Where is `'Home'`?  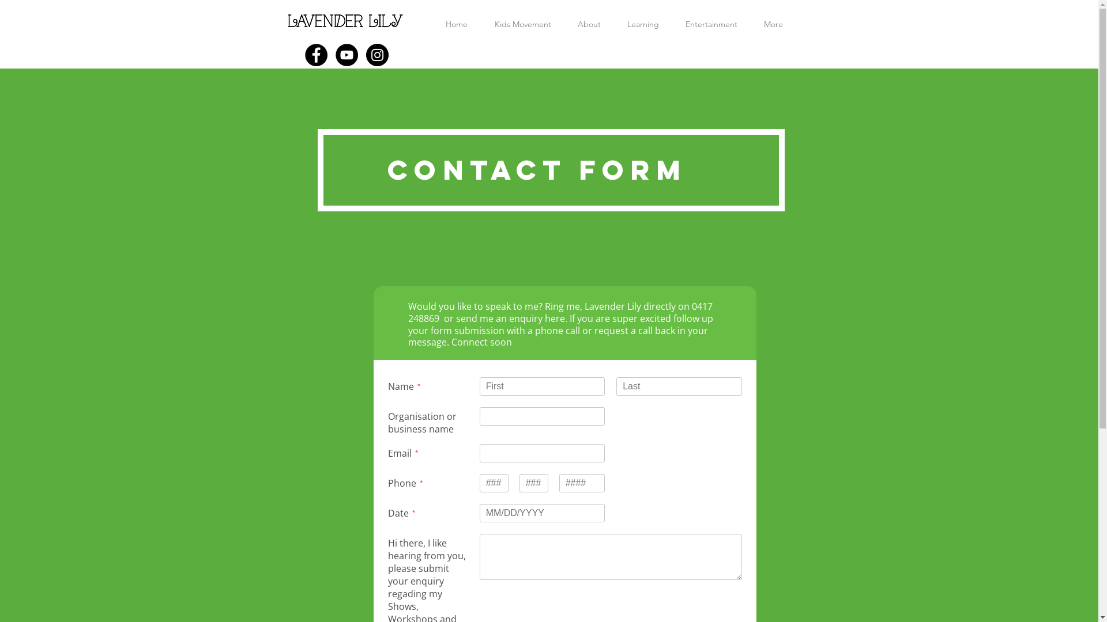
'Home' is located at coordinates (456, 24).